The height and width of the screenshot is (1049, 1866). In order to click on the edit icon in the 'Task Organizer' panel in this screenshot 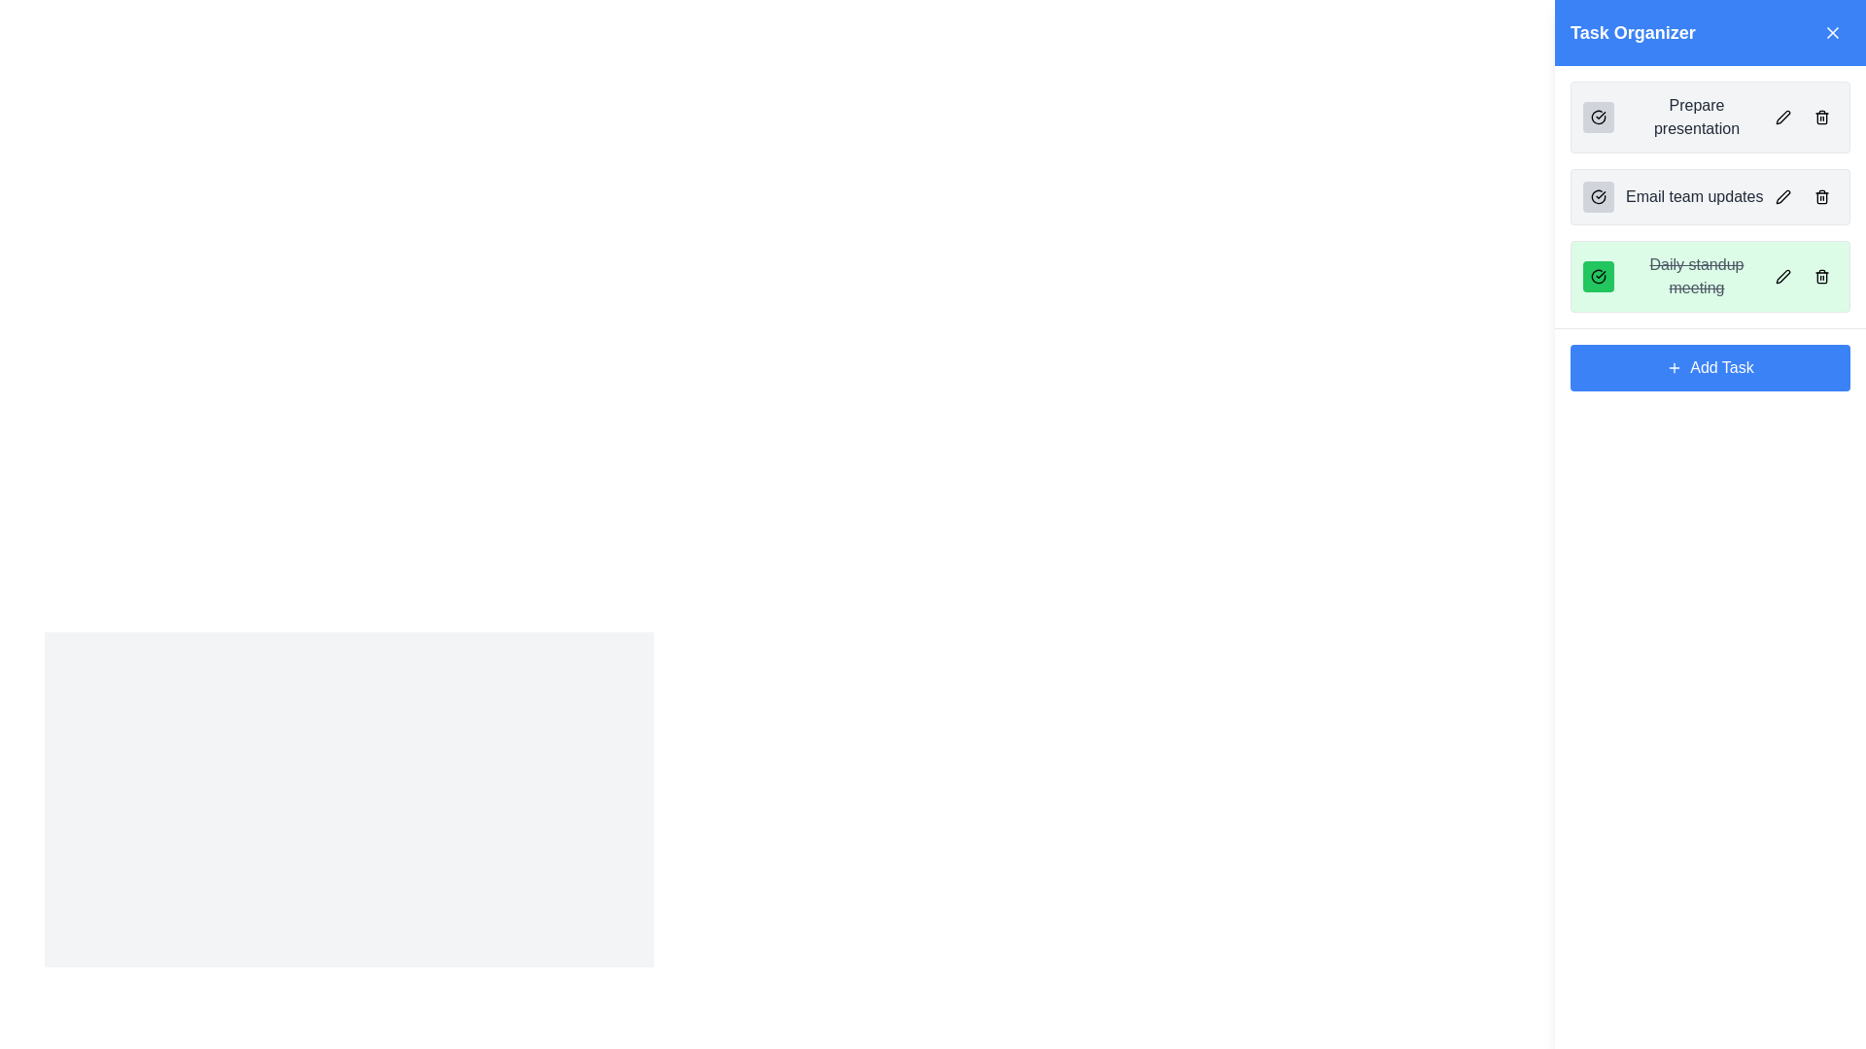, I will do `click(1782, 197)`.